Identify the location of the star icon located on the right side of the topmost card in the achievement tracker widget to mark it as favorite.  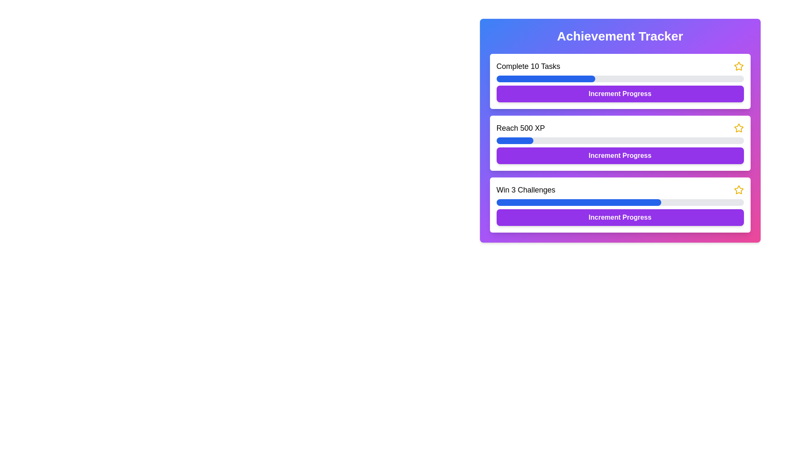
(738, 66).